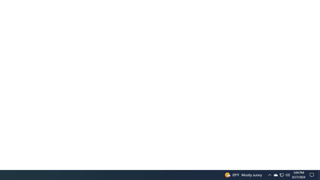 Image resolution: width=320 pixels, height=180 pixels. What do you see at coordinates (288, 174) in the screenshot?
I see `'Q2790: 100%'` at bounding box center [288, 174].